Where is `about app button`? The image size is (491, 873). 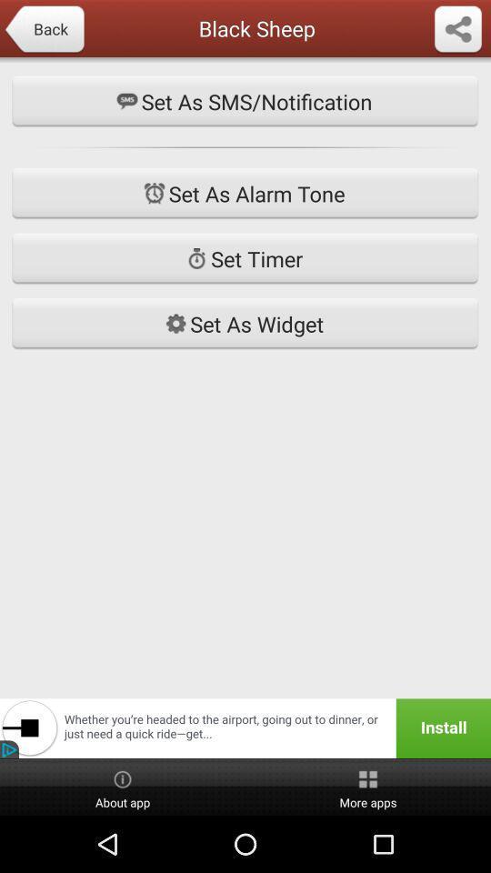
about app button is located at coordinates (123, 787).